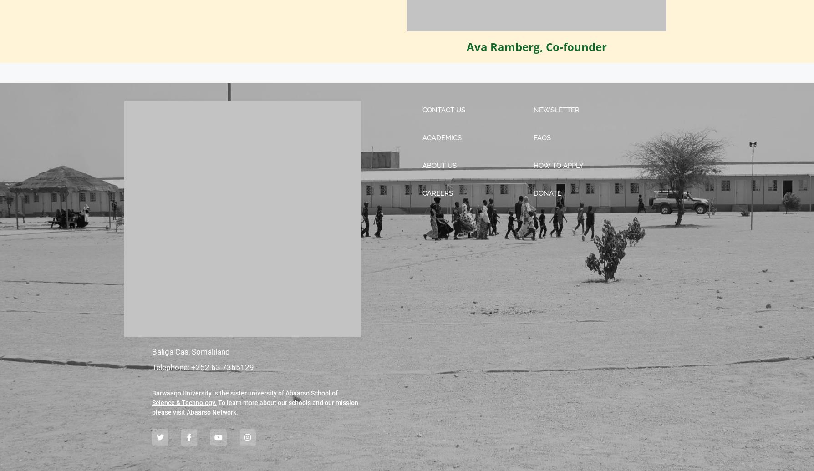  Describe the element at coordinates (443, 110) in the screenshot. I see `'Contact Us'` at that location.